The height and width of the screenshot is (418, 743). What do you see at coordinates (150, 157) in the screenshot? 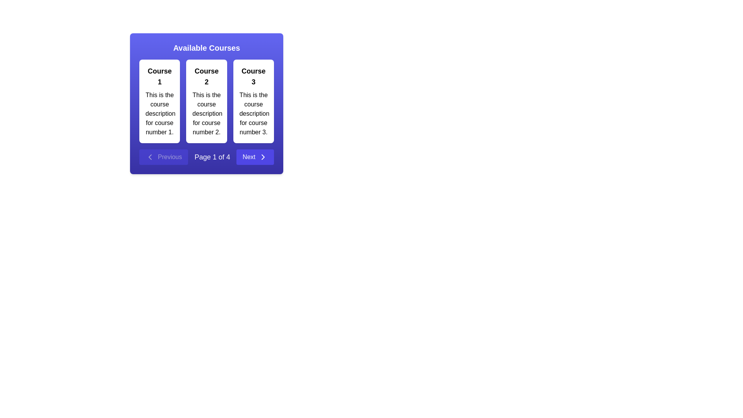
I see `the chevron icon located within the 'Previous' button at the bottom-left corner of the interface under the course cards in the pagination section` at bounding box center [150, 157].